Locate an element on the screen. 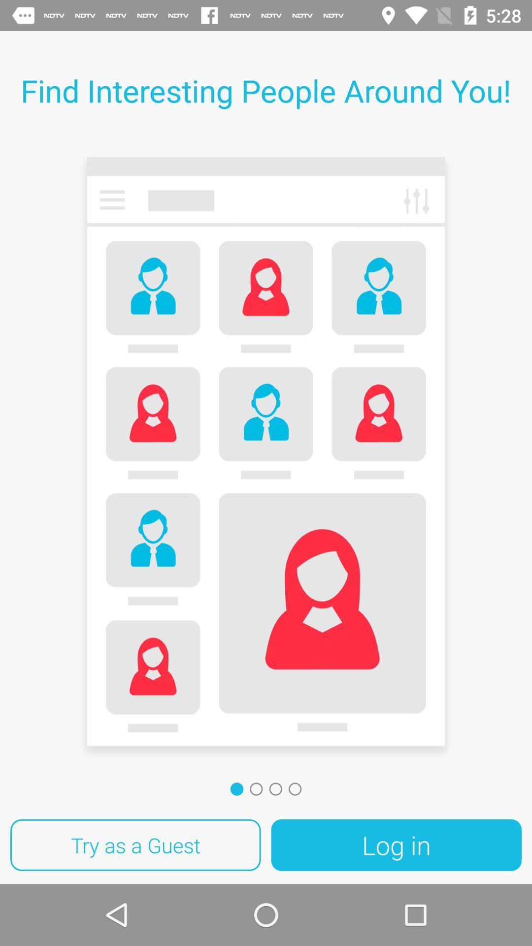 The image size is (532, 946). item at the bottom left corner is located at coordinates (135, 845).